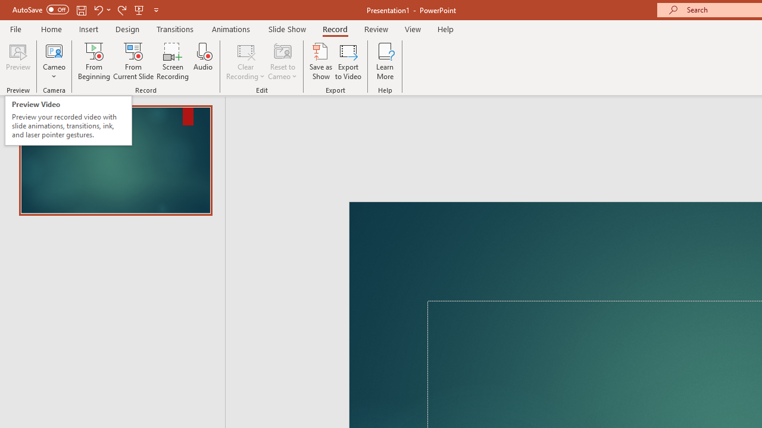 This screenshot has height=428, width=762. I want to click on 'From Beginning...', so click(93, 61).